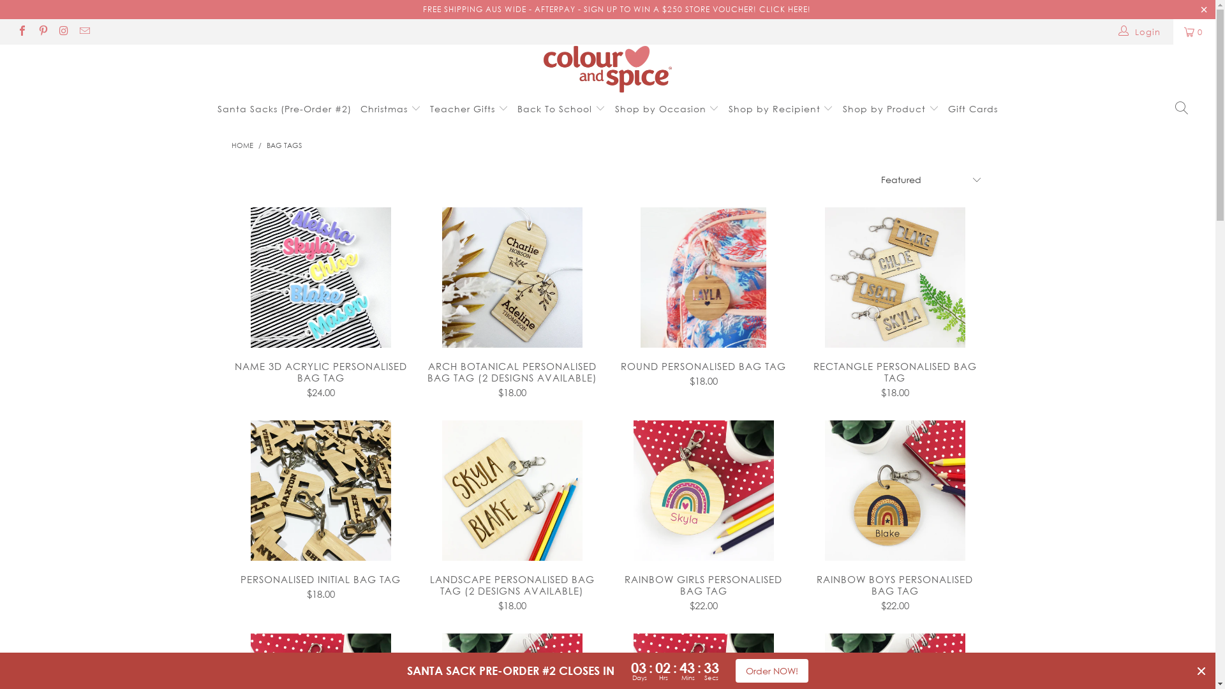 The width and height of the screenshot is (1225, 689). I want to click on 'HOME', so click(242, 144).